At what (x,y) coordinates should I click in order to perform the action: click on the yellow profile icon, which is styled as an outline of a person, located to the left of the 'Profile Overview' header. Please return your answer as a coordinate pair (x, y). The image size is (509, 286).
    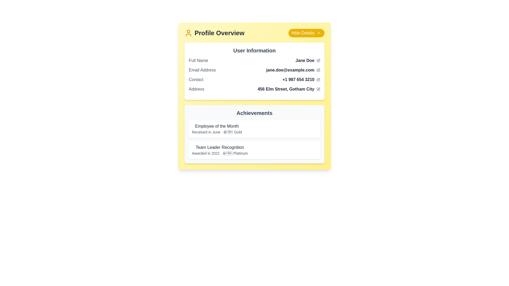
    Looking at the image, I should click on (188, 33).